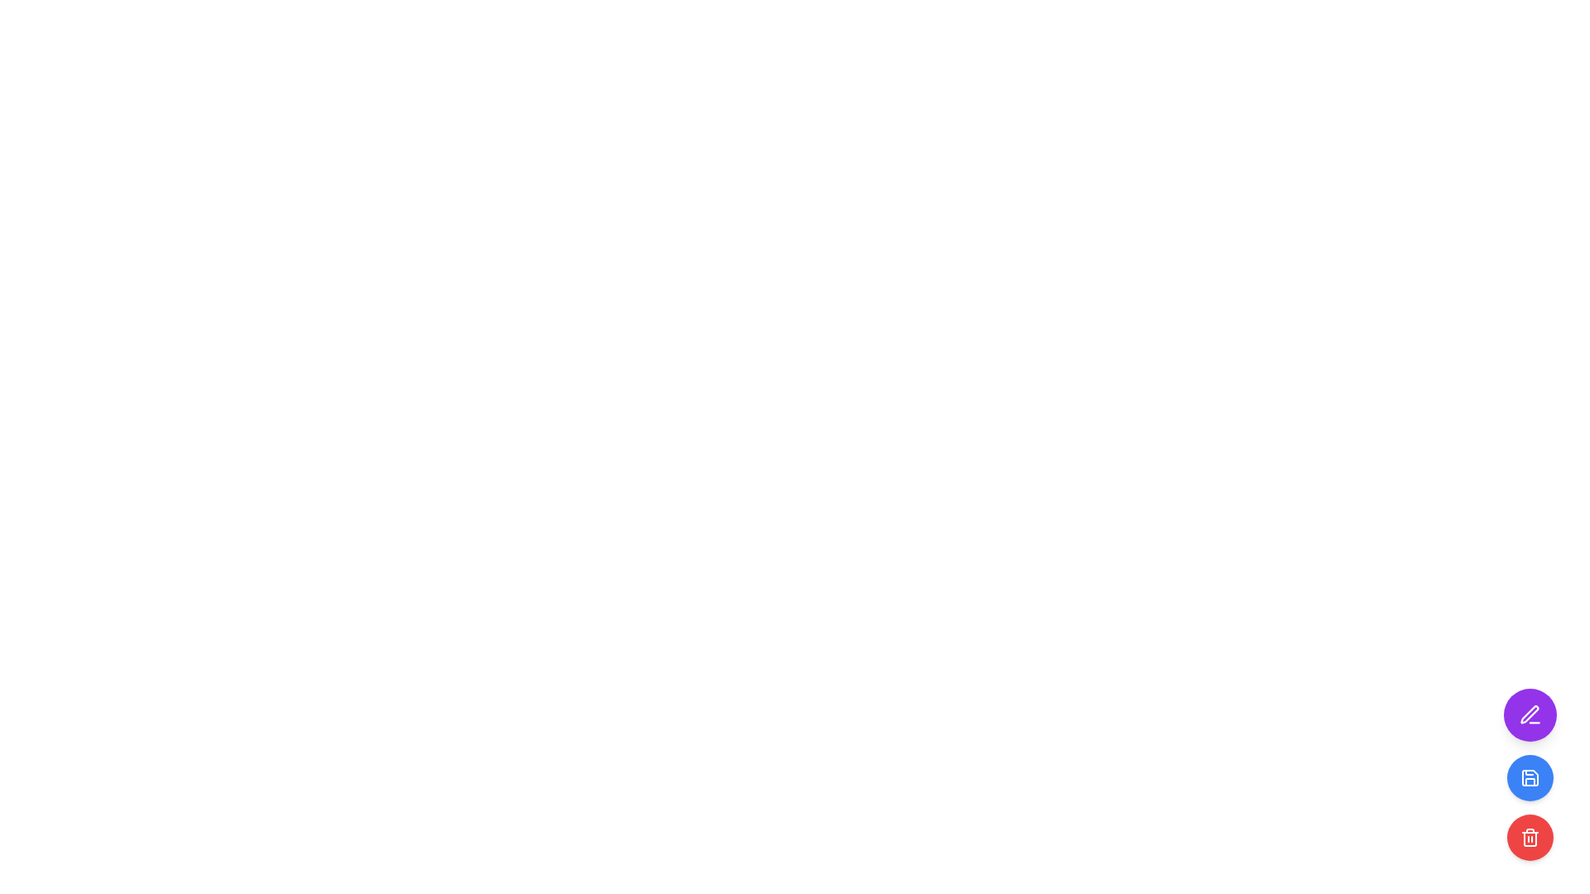  I want to click on the blue circular button with a floppy disk icon located in the lower right quadrant of the interface, so click(1530, 778).